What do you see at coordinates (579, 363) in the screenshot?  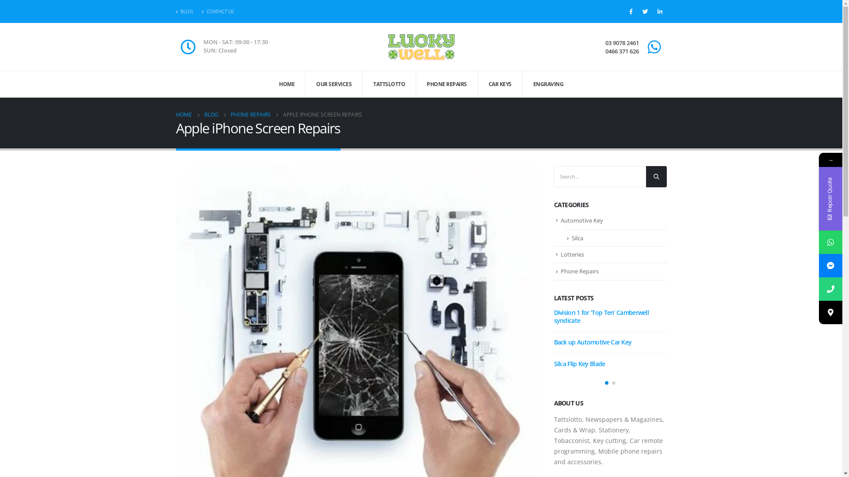 I see `'Silca Flip Key Blade'` at bounding box center [579, 363].